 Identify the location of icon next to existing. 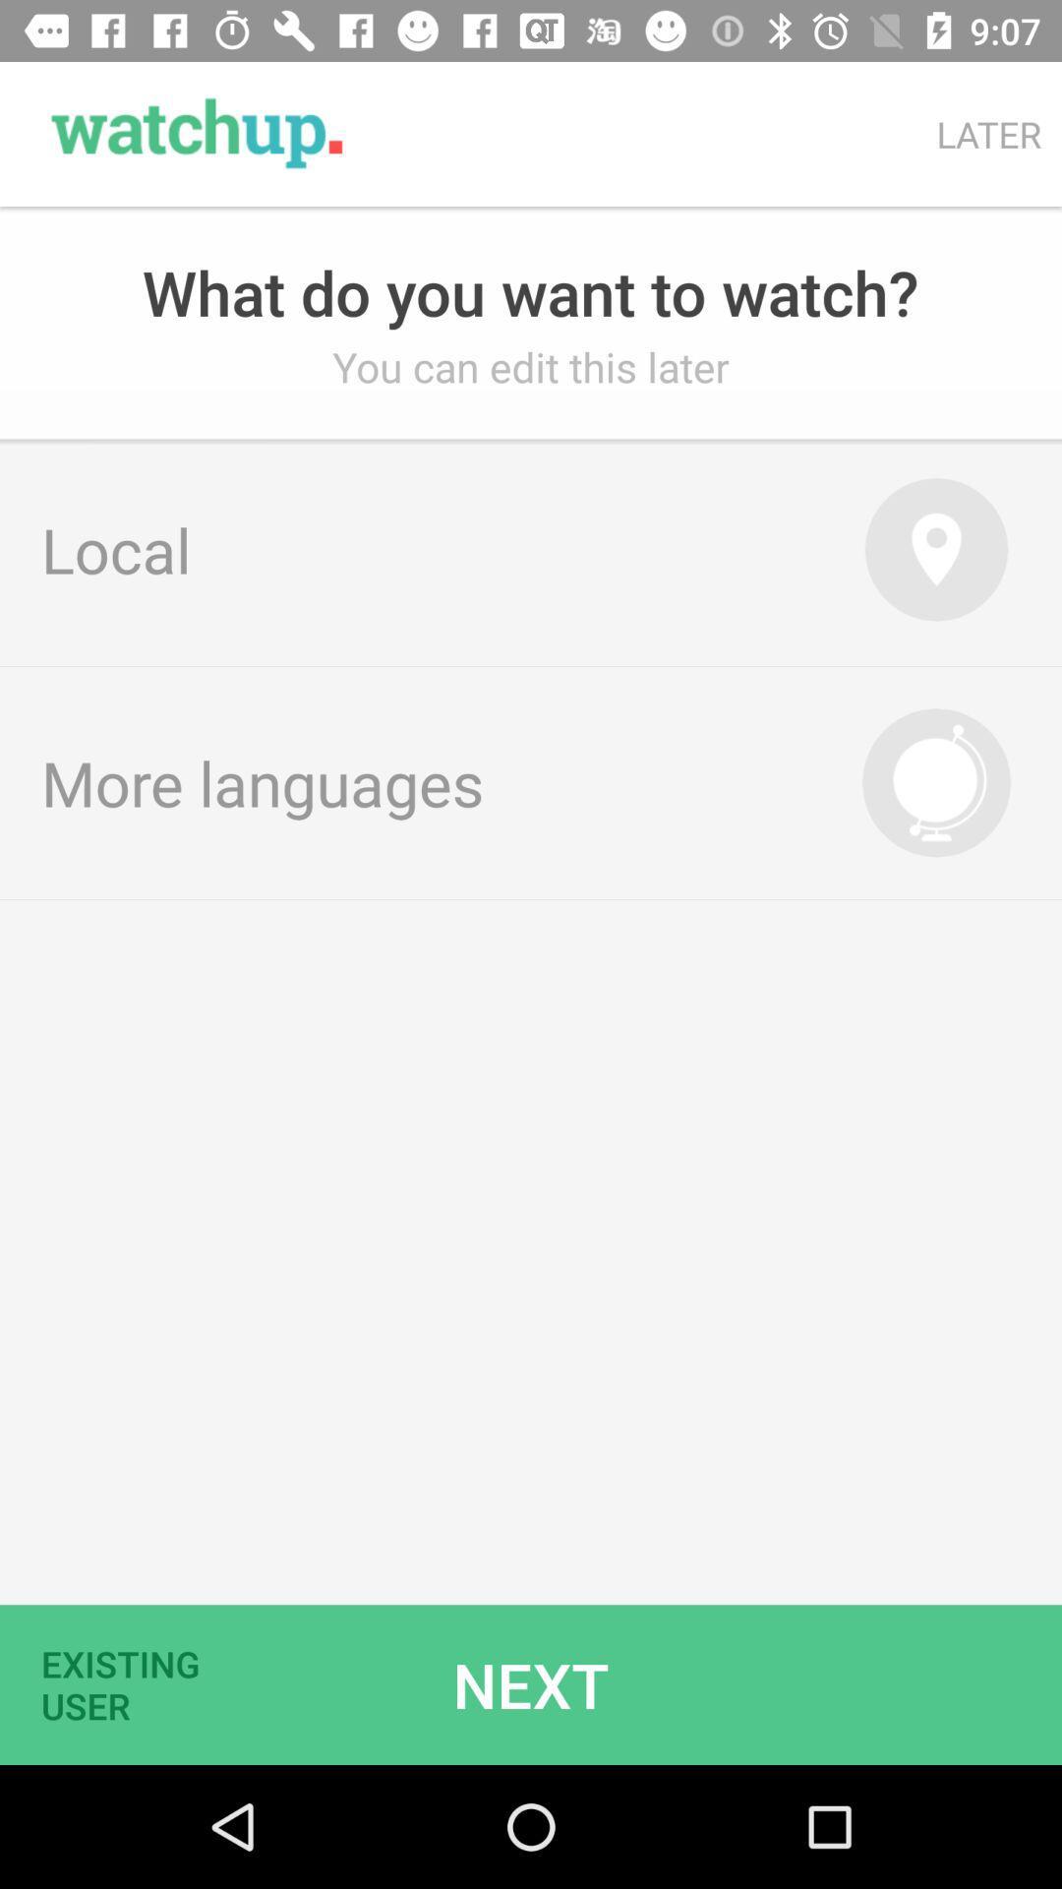
(531, 1683).